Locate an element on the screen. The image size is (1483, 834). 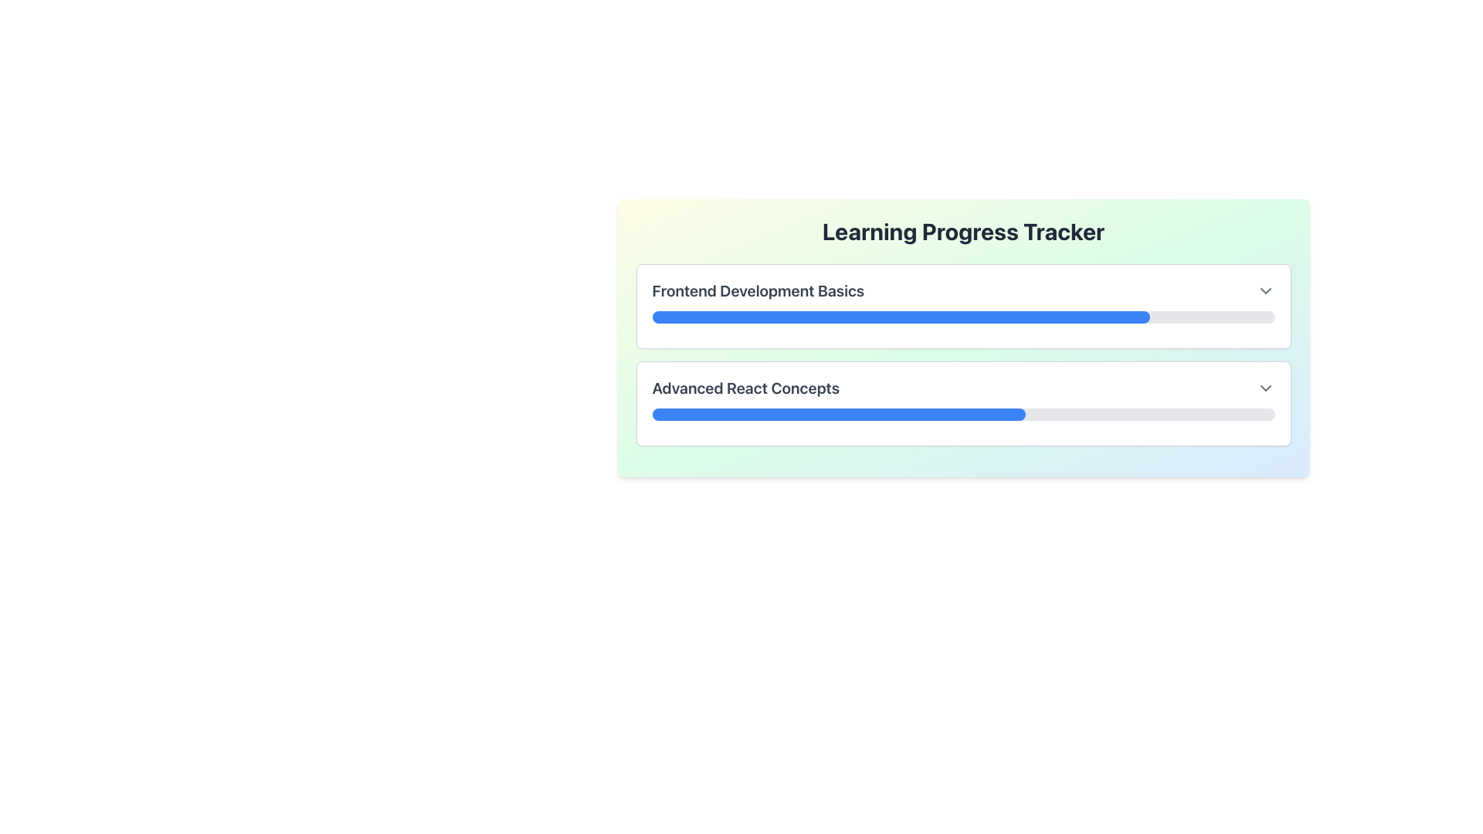
the progress bar segment indicating 60% completion in the 'Advanced React Concepts' course area is located at coordinates (838, 413).